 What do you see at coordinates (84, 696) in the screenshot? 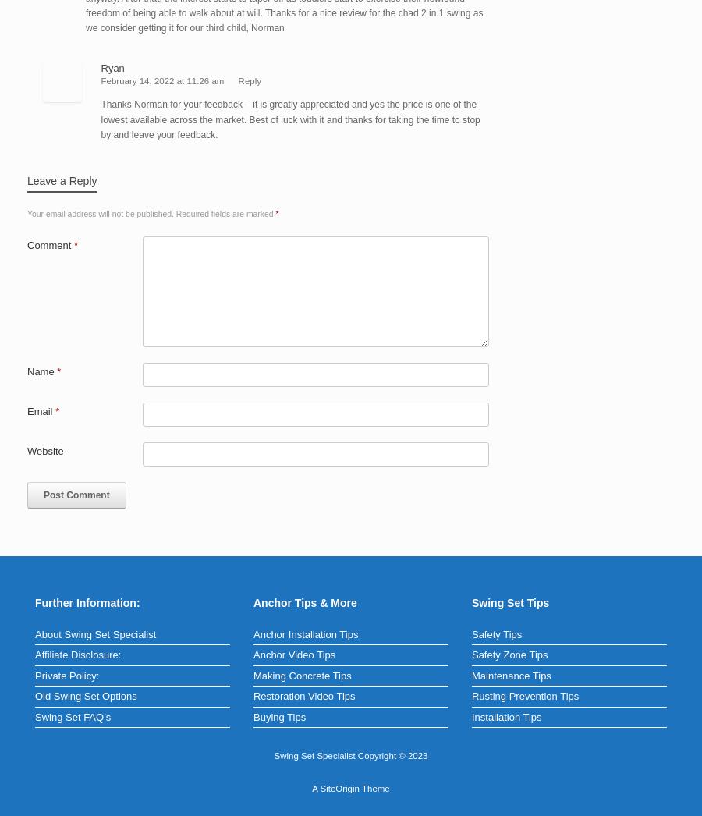
I see `'Old Swing Set Options'` at bounding box center [84, 696].